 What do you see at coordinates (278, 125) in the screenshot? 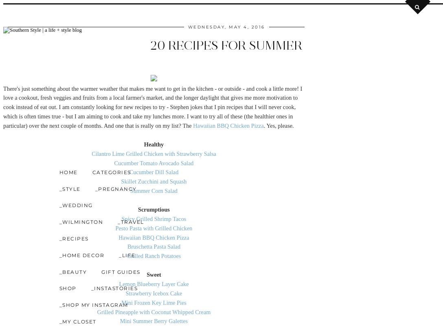
I see `'. Yes, please.'` at bounding box center [278, 125].